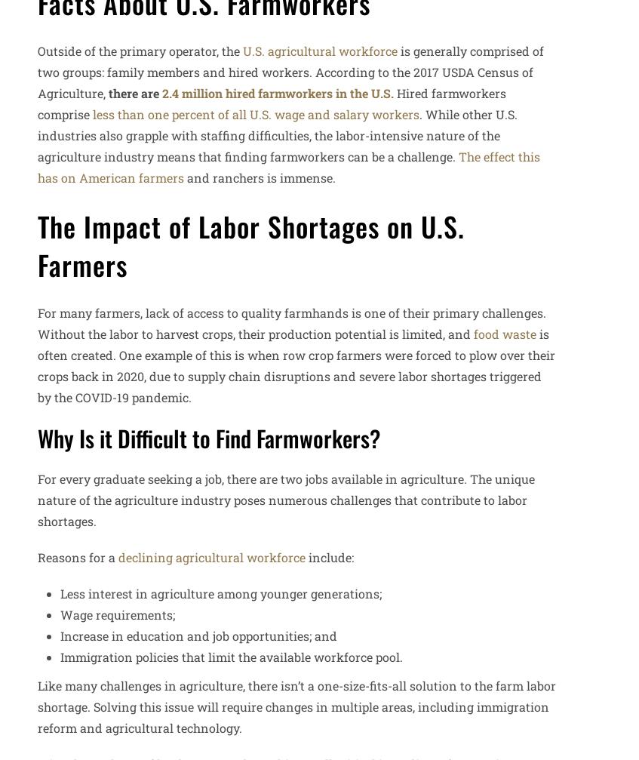 The height and width of the screenshot is (760, 639). I want to click on 'Reasons for a', so click(78, 556).